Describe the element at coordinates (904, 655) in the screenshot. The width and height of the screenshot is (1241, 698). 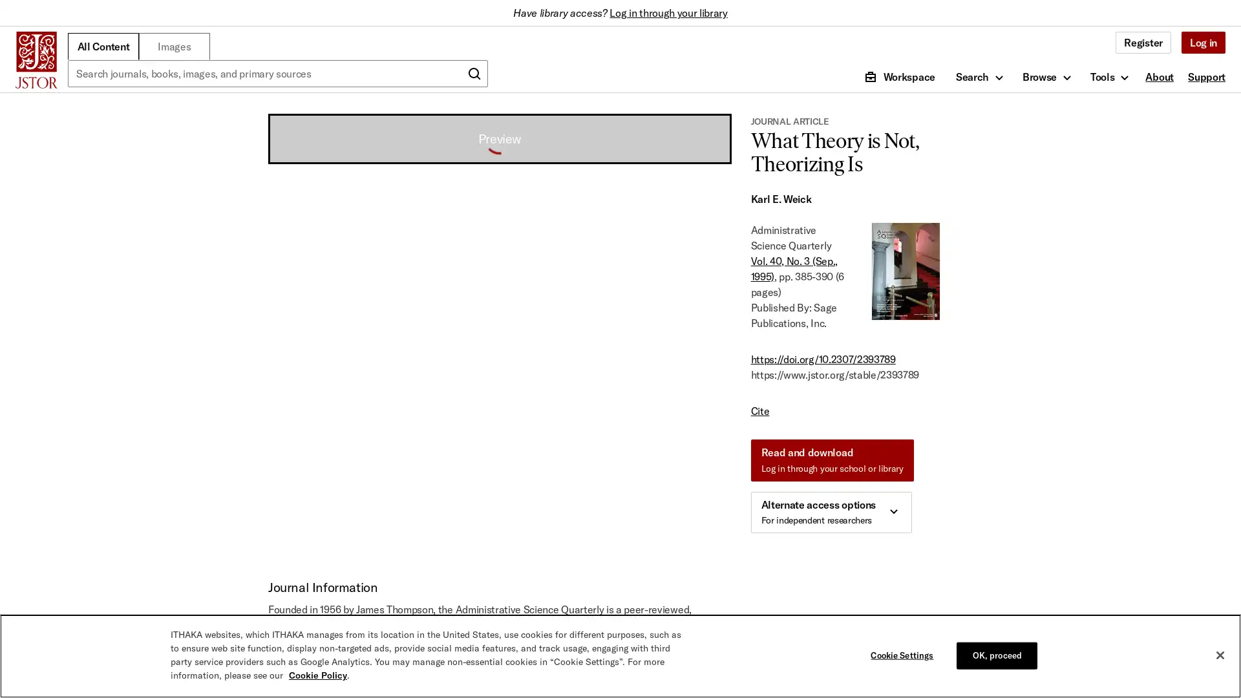
I see `Cookie Settings` at that location.